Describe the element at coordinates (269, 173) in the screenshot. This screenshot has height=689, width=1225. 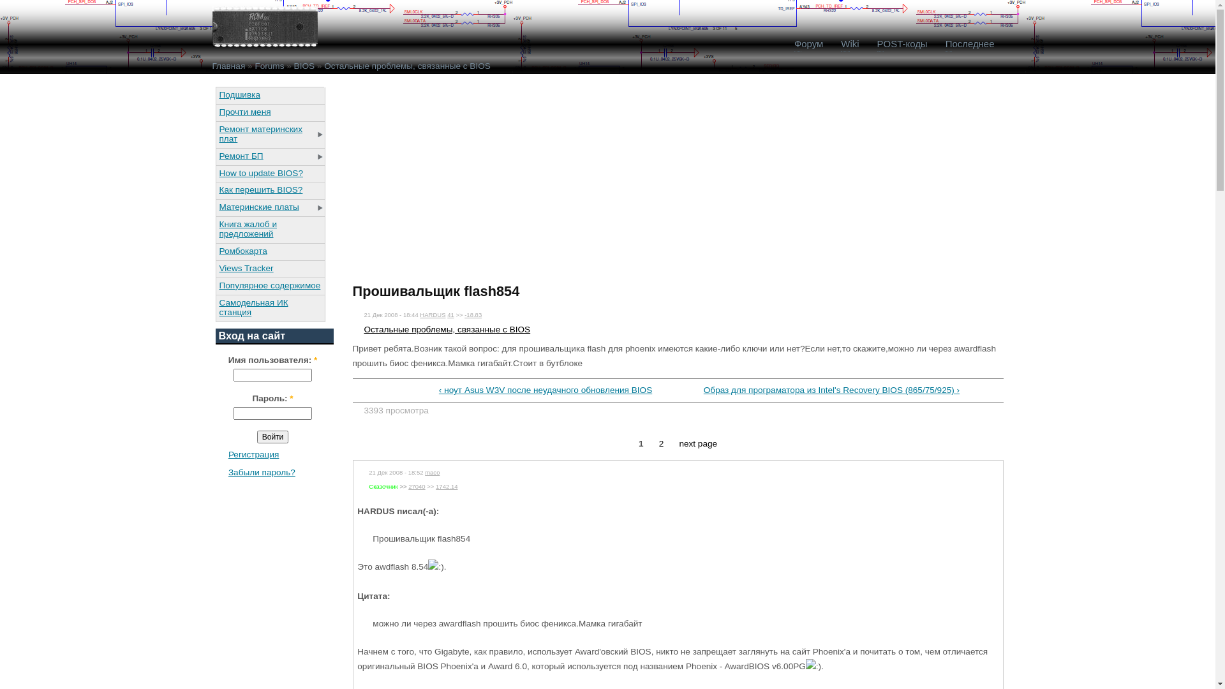
I see `'How to update BIOS?'` at that location.